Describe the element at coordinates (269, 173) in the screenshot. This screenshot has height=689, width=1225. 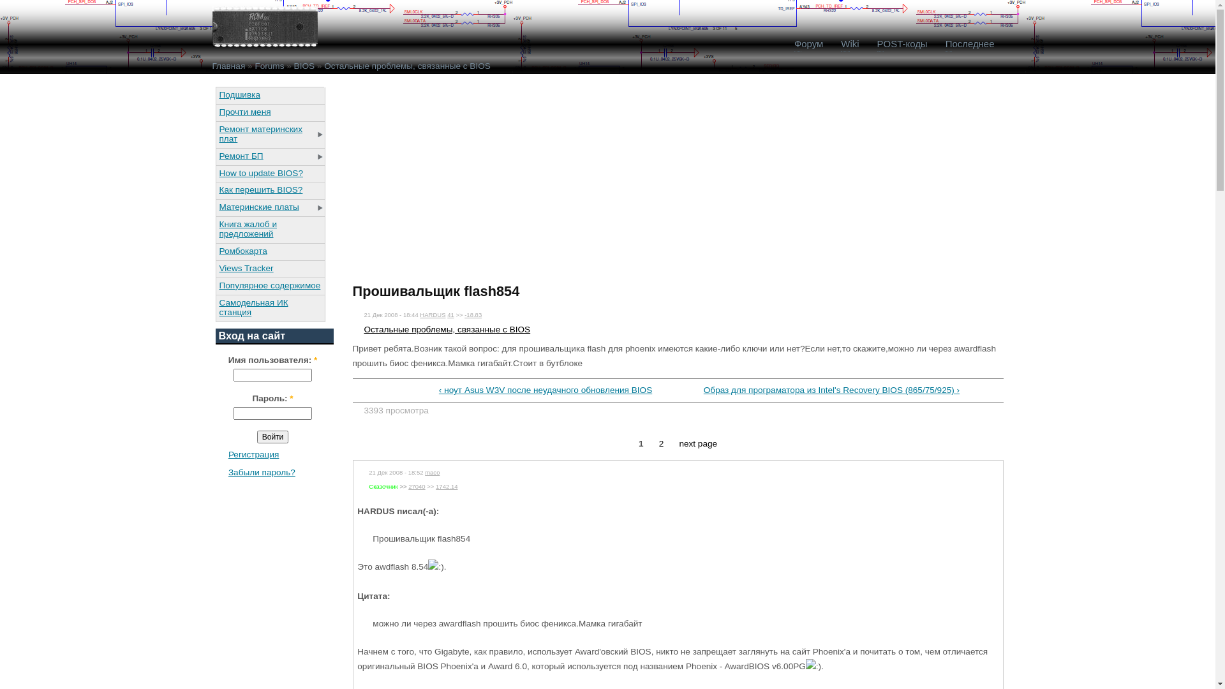
I see `'How to update BIOS?'` at that location.